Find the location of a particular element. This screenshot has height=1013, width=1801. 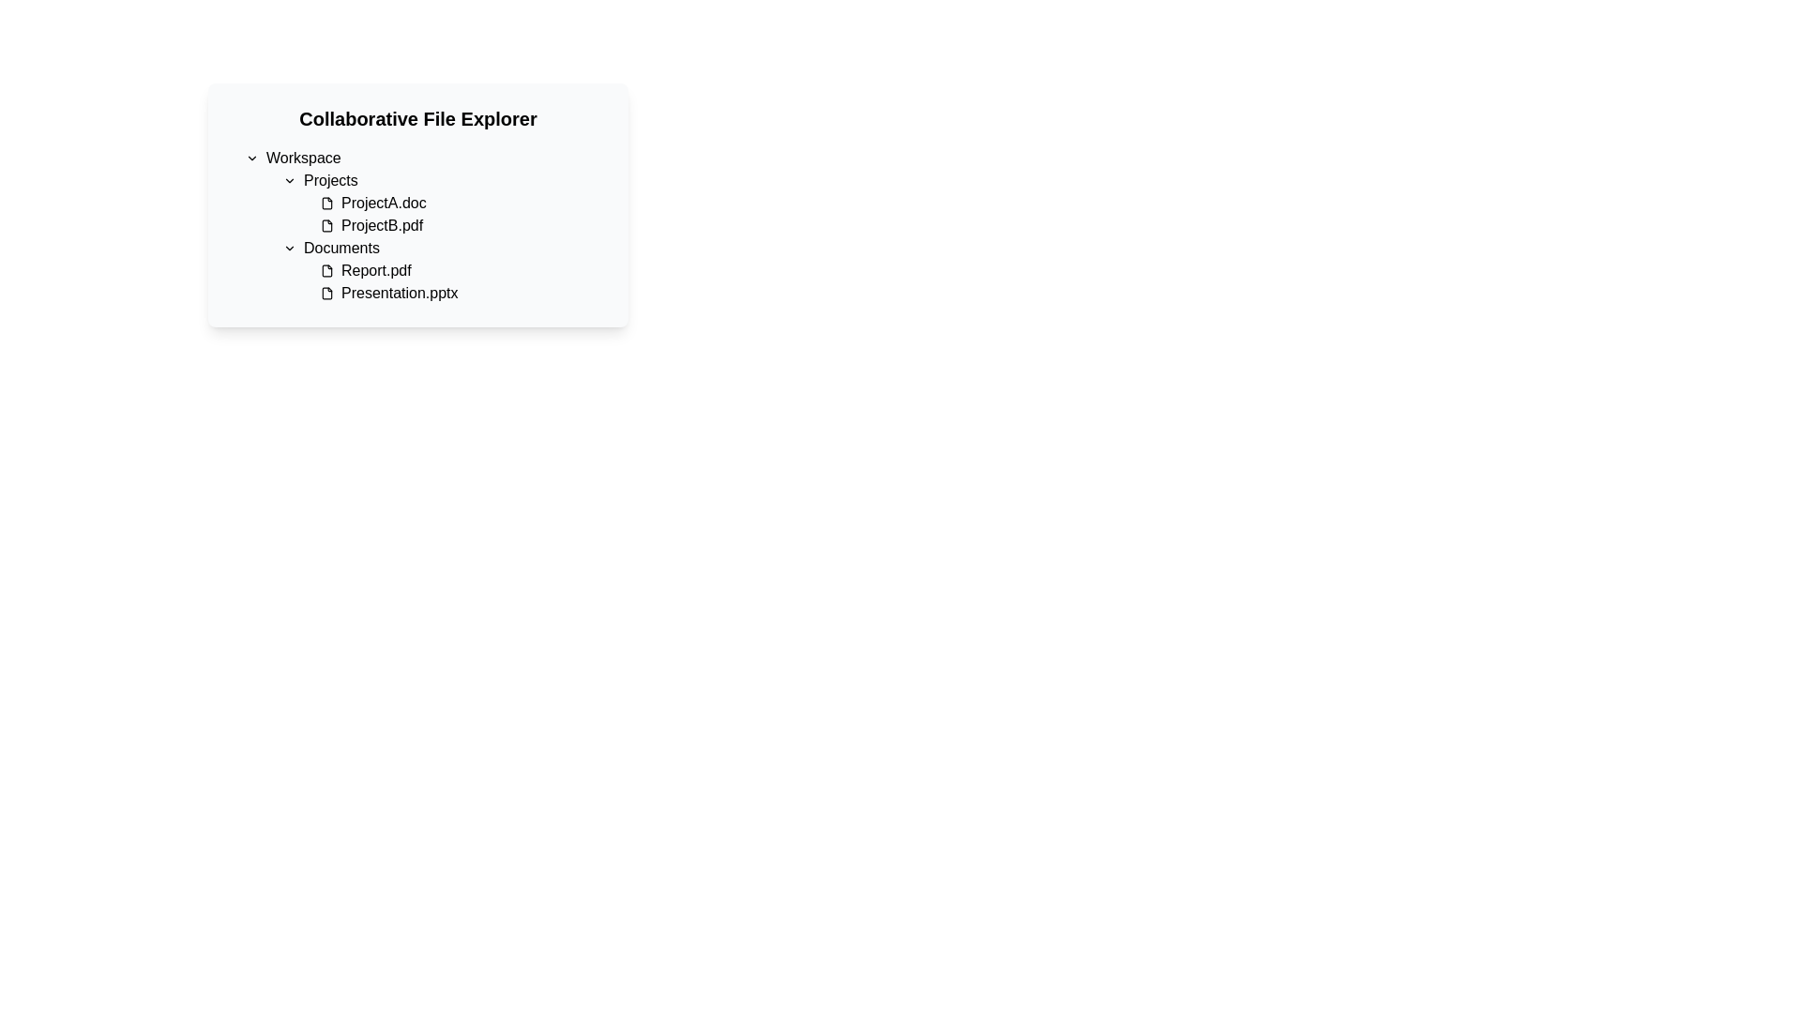

the file icon representing 'ProjectB.pdf' in the 'Projects' subsection of the 'Collaborative File Explorer' is located at coordinates (327, 224).